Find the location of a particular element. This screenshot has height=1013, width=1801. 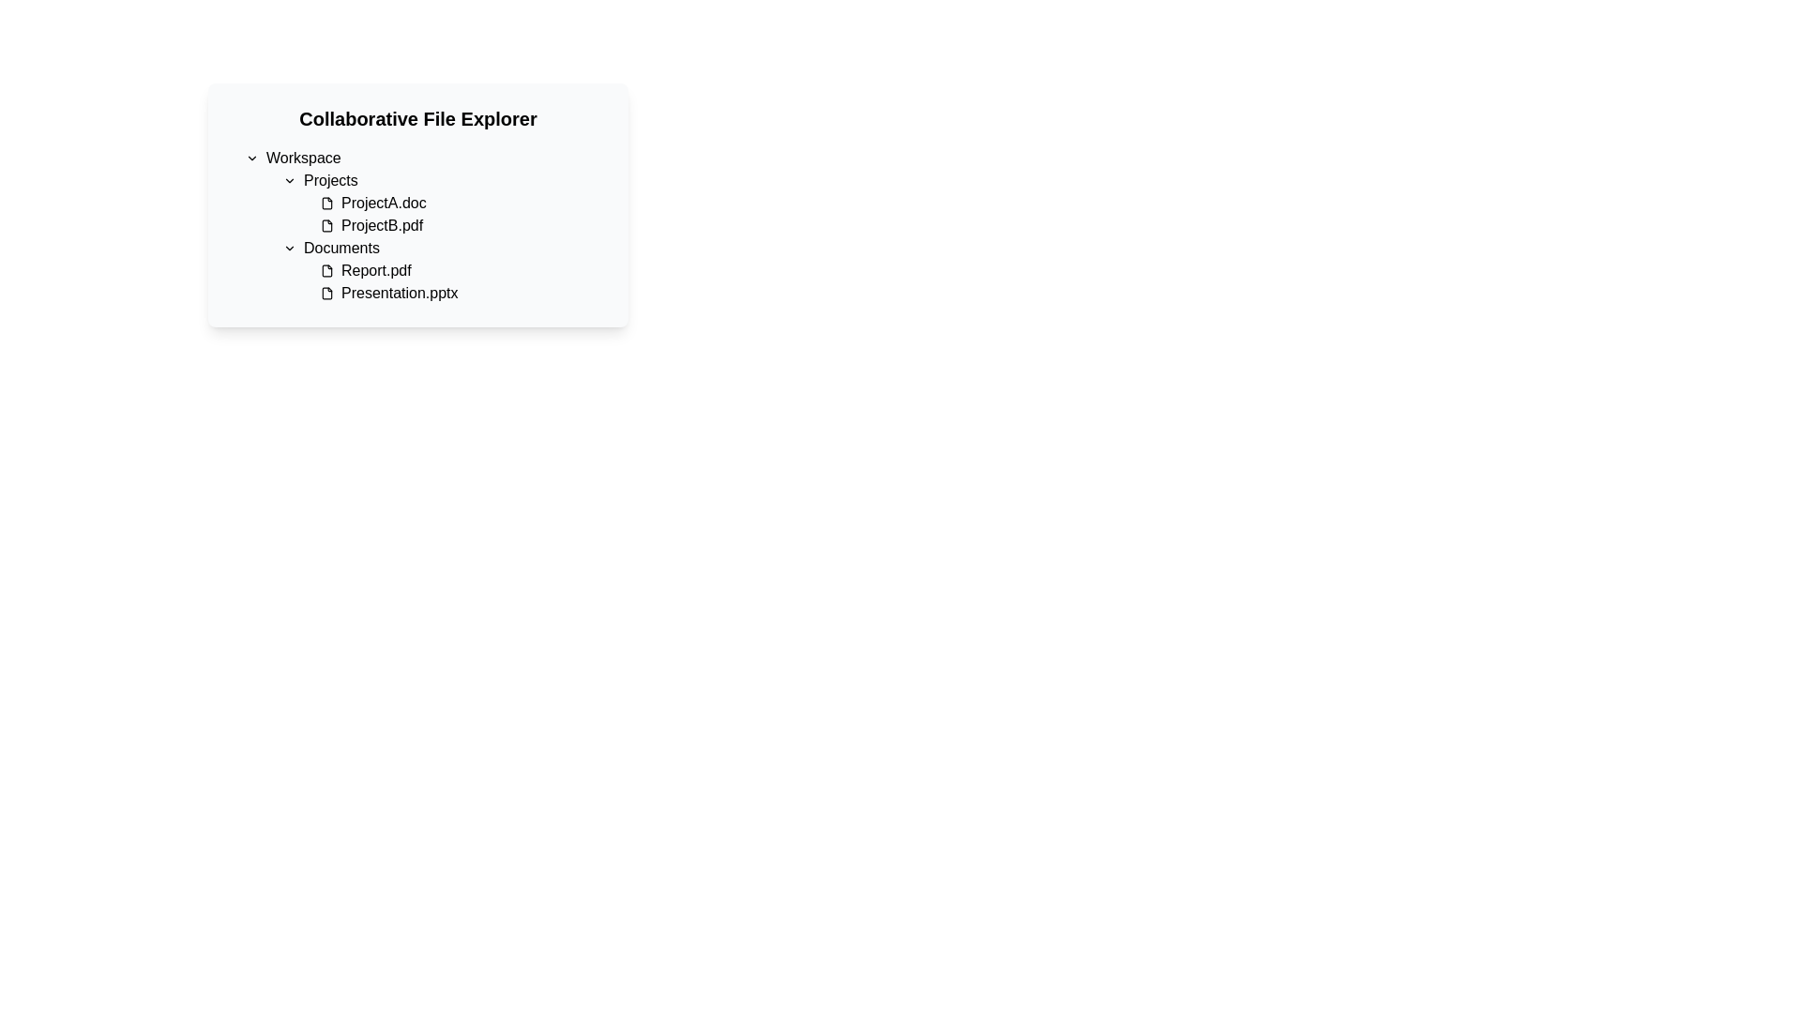

the file icon representing 'ProjectB.pdf' in the 'Projects' subsection of the 'Collaborative File Explorer' is located at coordinates (327, 224).